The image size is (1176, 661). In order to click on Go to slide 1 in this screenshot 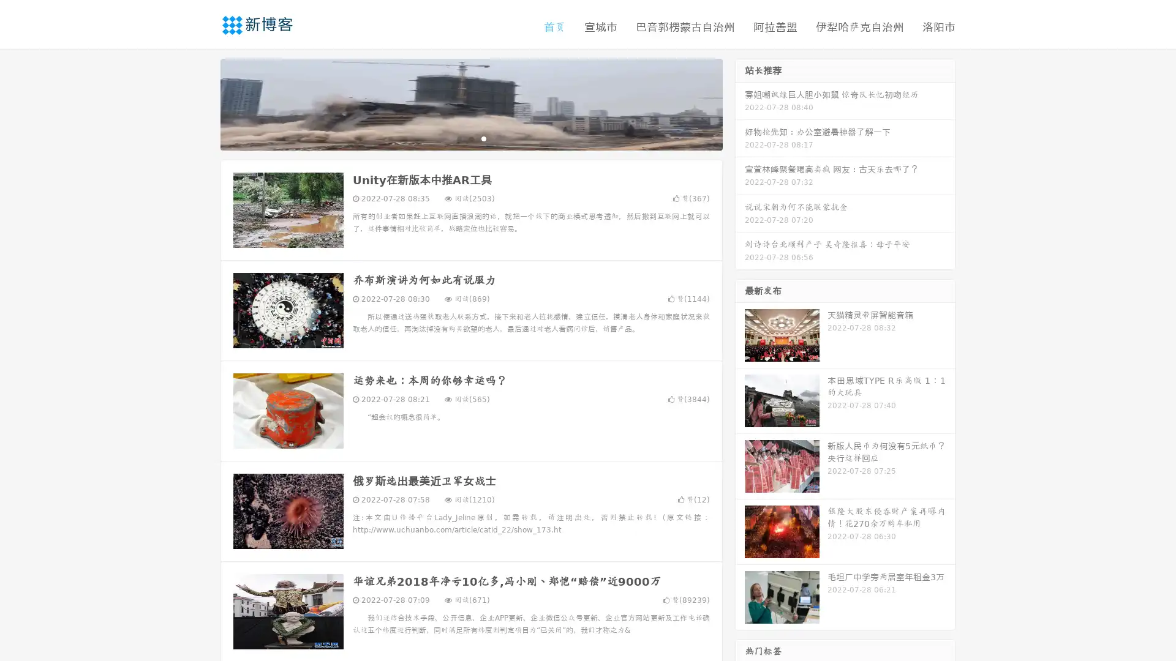, I will do `click(458, 138)`.